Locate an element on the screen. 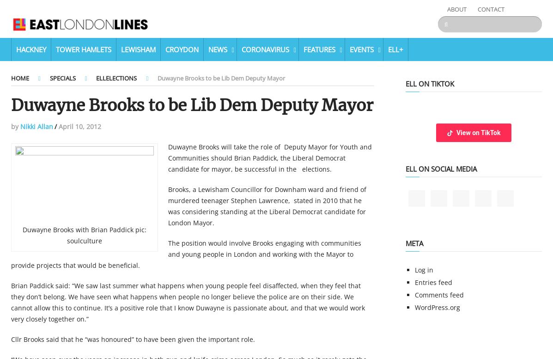 The width and height of the screenshot is (553, 359). 'View on TikTok' is located at coordinates (478, 132).